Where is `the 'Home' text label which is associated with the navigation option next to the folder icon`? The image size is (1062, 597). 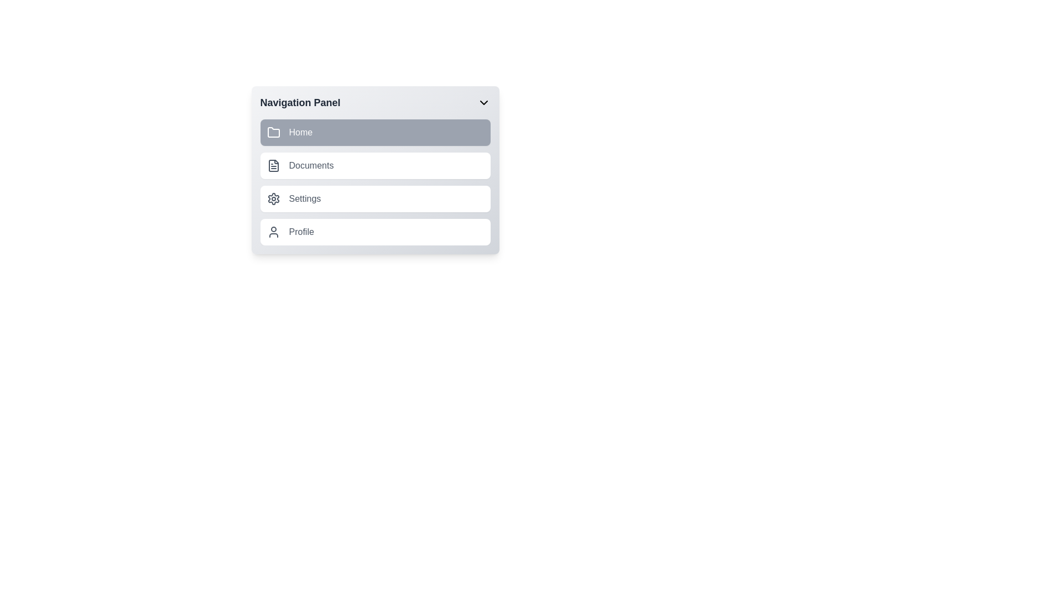
the 'Home' text label which is associated with the navigation option next to the folder icon is located at coordinates (300, 132).